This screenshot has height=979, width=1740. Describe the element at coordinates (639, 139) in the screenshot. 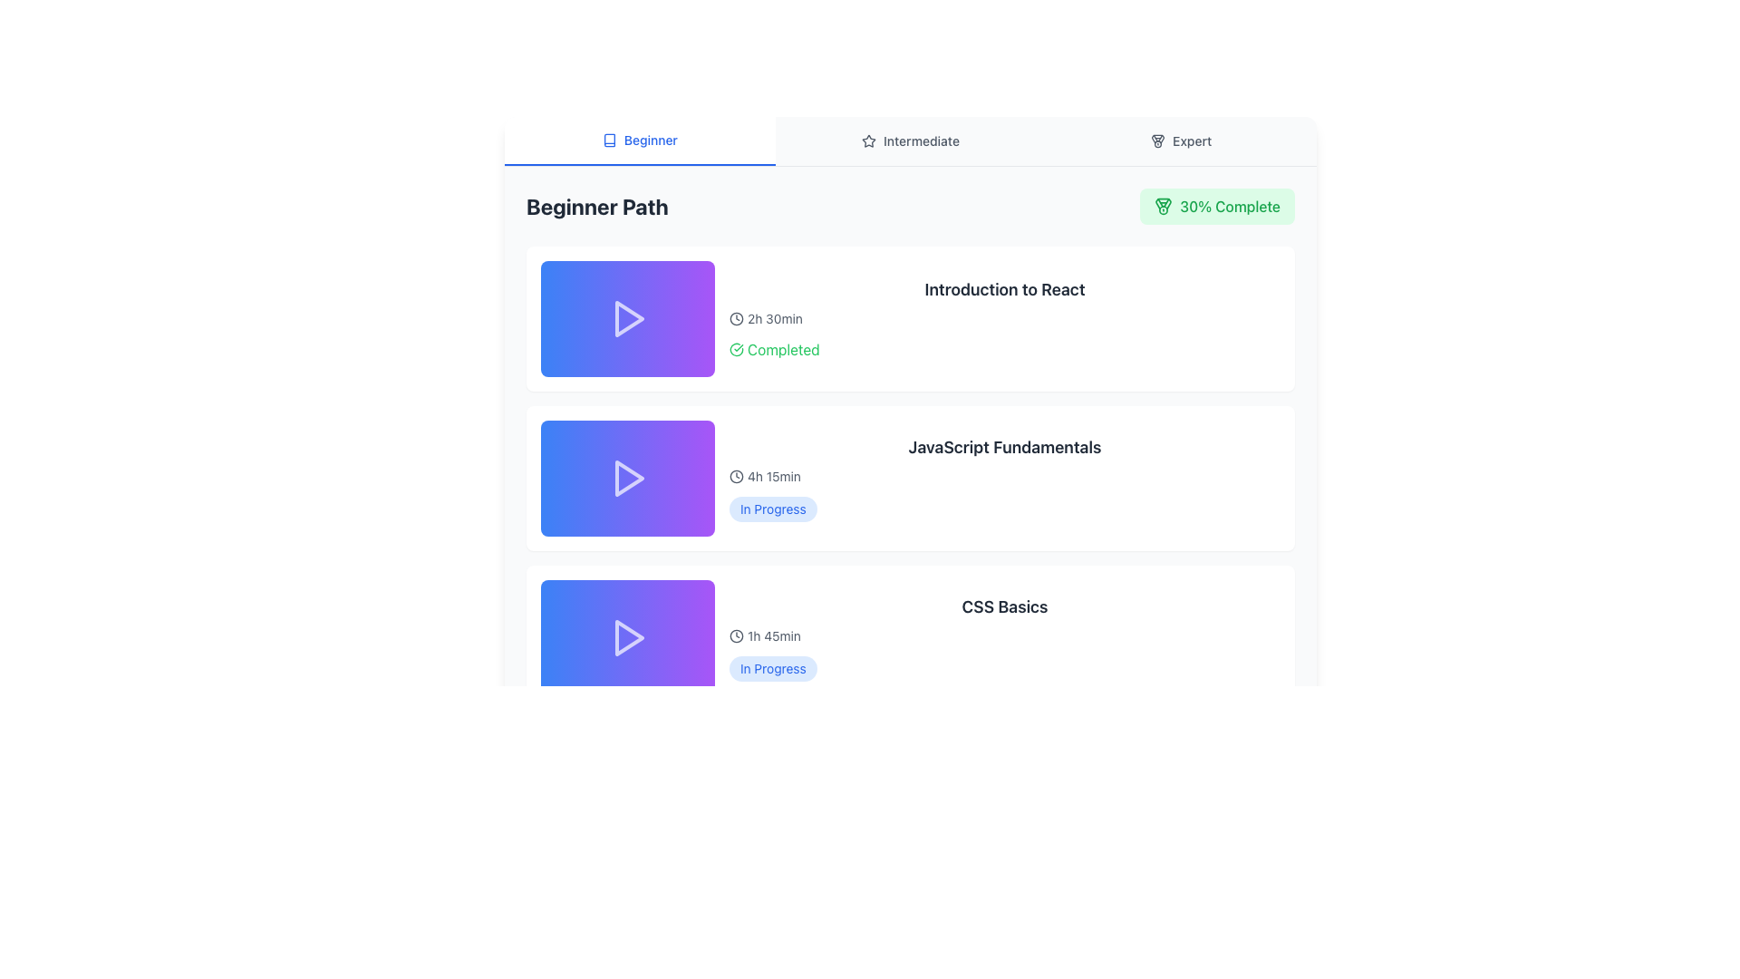

I see `the 'Beginner' tab which is styled in blue with bold text and a book icon, located in the top-left corner of the tab selection control` at that location.